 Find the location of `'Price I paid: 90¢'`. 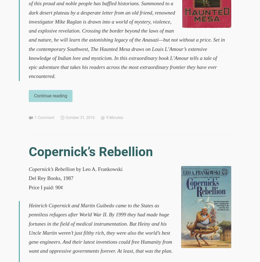

'Price I paid: 90¢' is located at coordinates (46, 187).